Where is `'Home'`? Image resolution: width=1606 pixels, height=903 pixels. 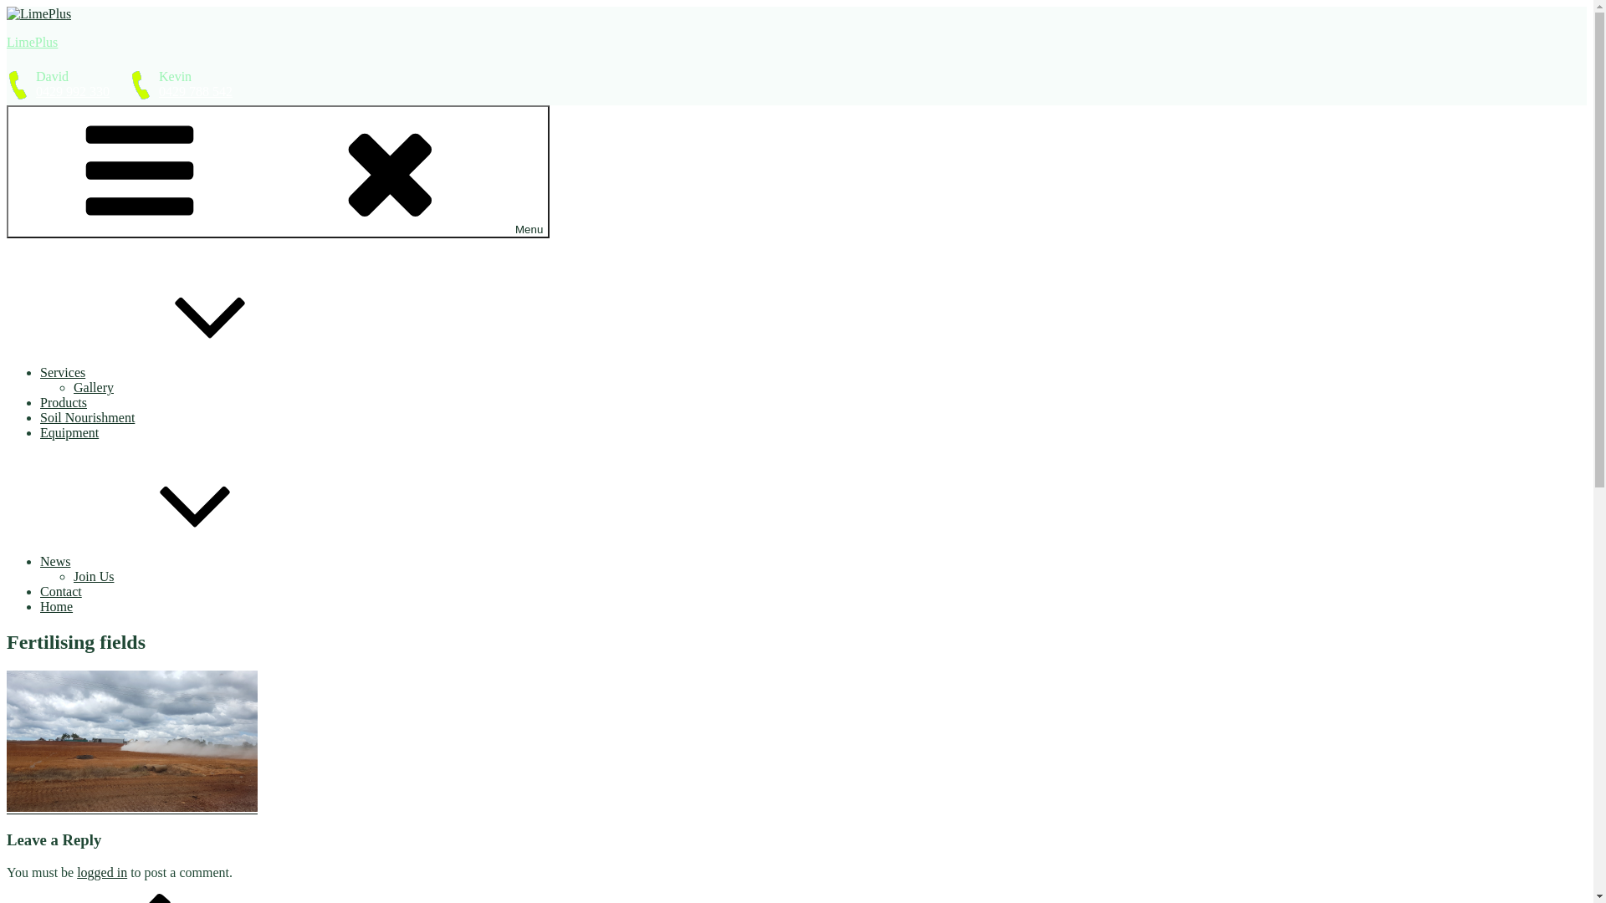 'Home' is located at coordinates (56, 606).